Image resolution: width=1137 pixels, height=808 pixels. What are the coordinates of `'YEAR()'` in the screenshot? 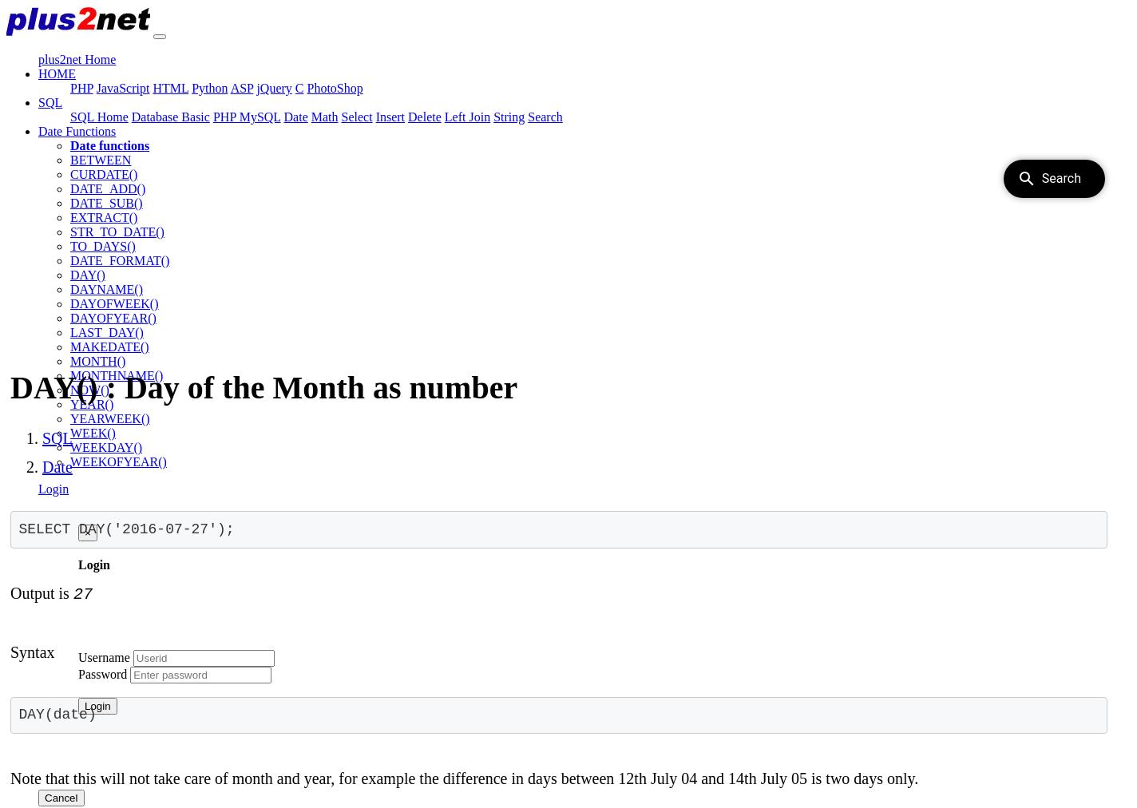 It's located at (92, 404).